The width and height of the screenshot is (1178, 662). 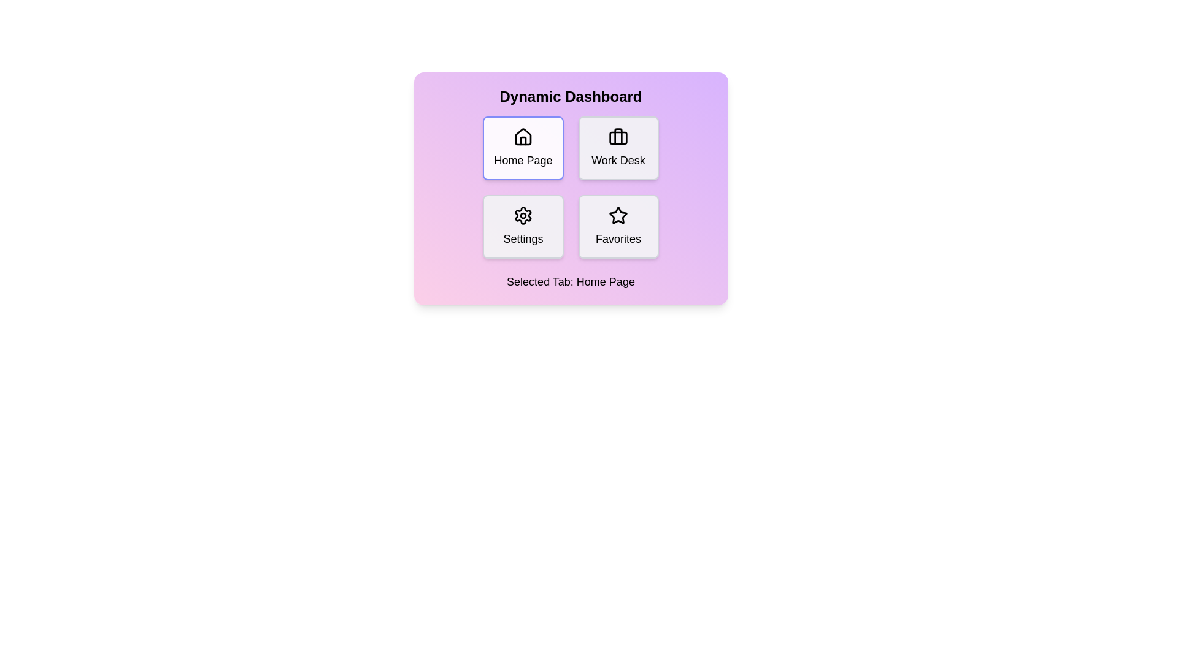 I want to click on the tab labeled Settings, so click(x=523, y=227).